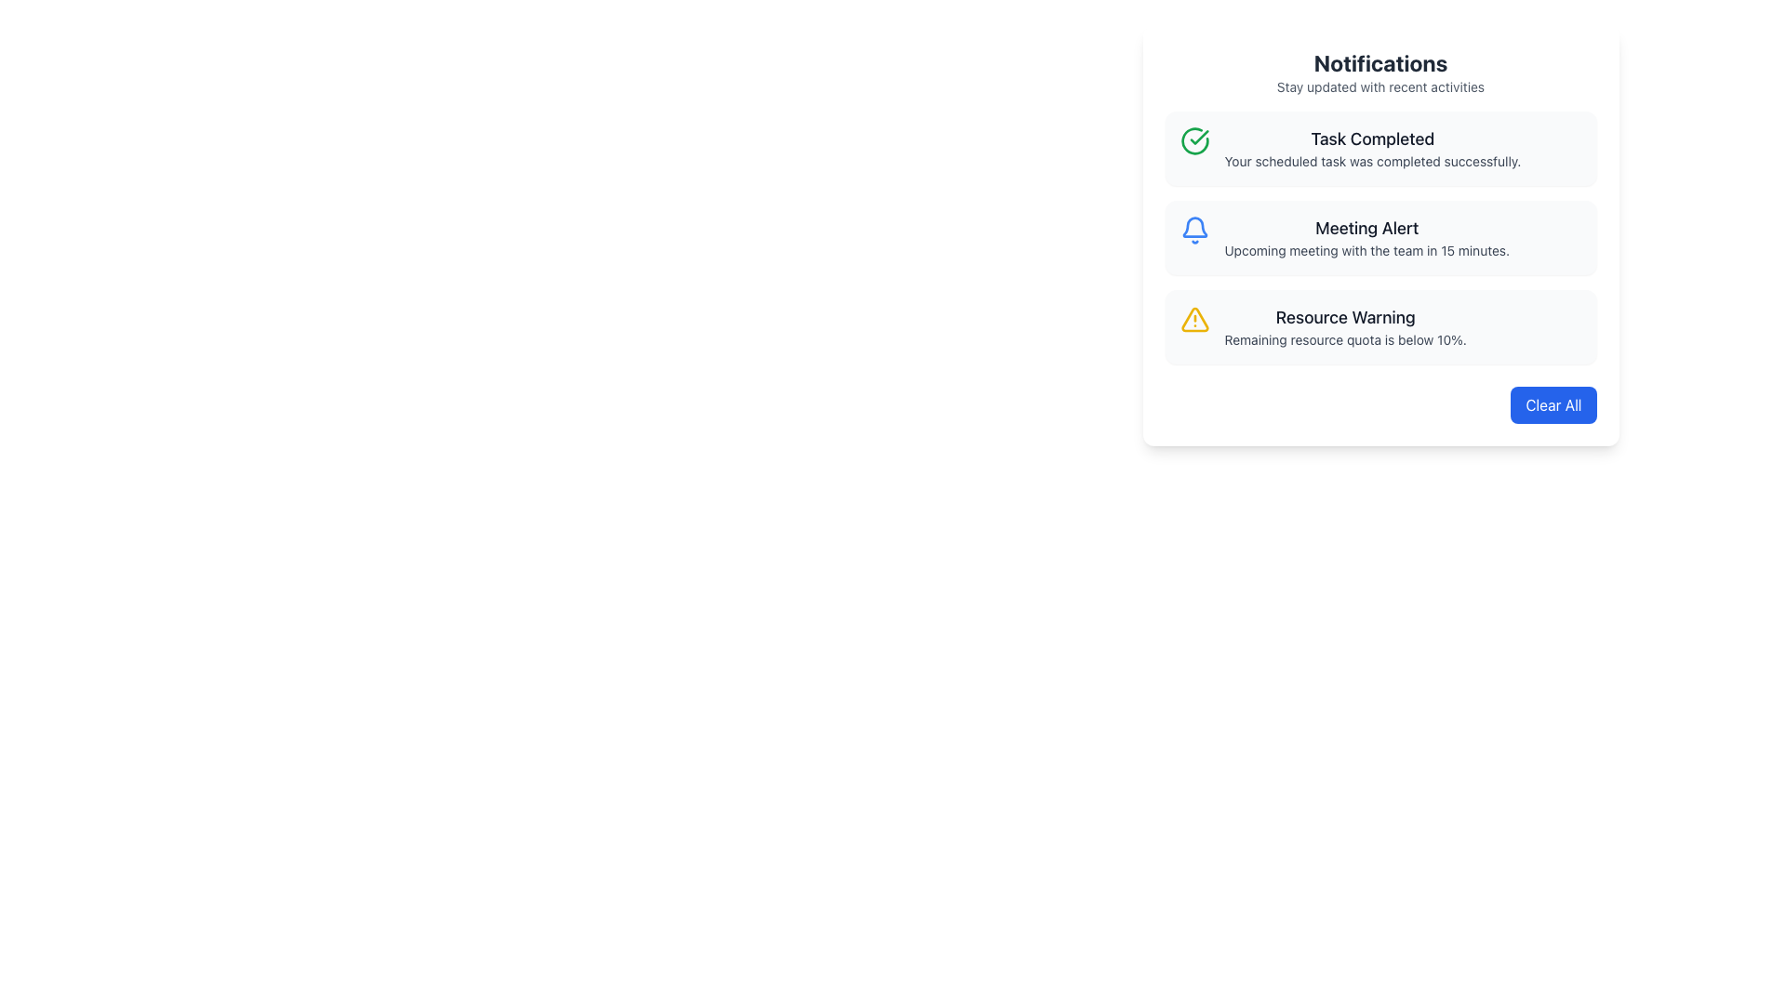 The image size is (1786, 1004). I want to click on the text label that provides information related to the notifications section, located below the title 'Notifications' in the notification panel, so click(1380, 86).